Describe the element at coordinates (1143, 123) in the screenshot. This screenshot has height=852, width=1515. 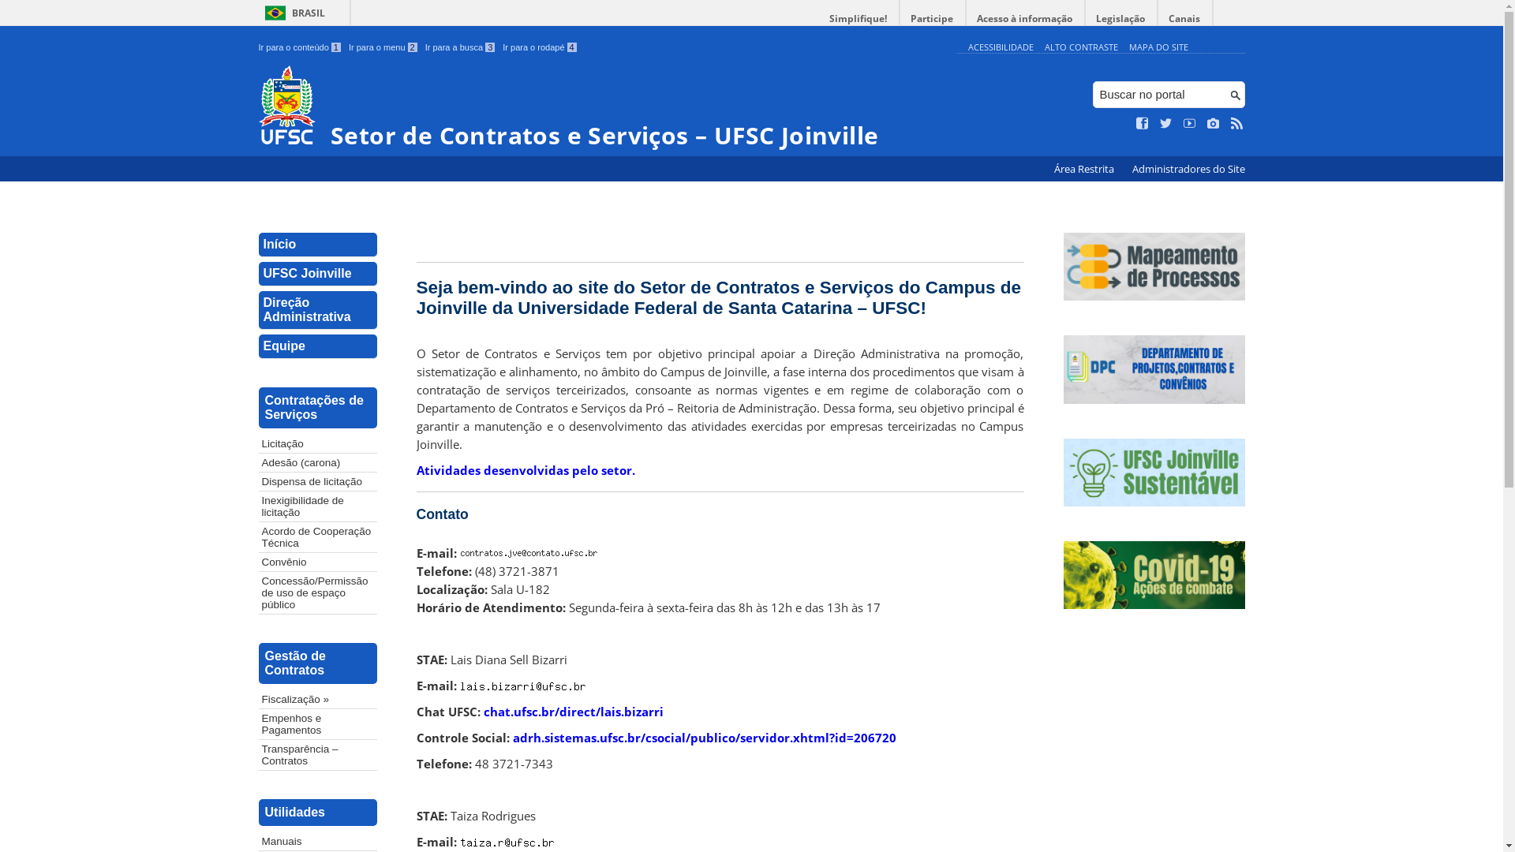
I see `'Curta no Facebook'` at that location.